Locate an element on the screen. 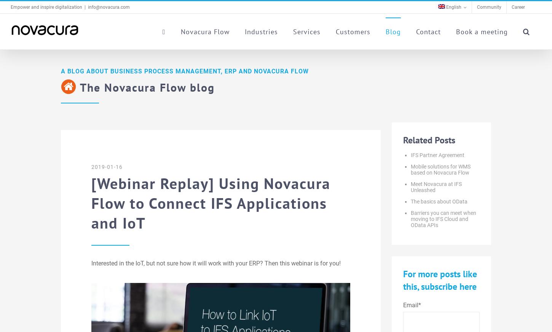 The image size is (552, 332). '[Webinar Replay] Using Novacura Flow to Connect IFS Applications and IoT' is located at coordinates (211, 203).